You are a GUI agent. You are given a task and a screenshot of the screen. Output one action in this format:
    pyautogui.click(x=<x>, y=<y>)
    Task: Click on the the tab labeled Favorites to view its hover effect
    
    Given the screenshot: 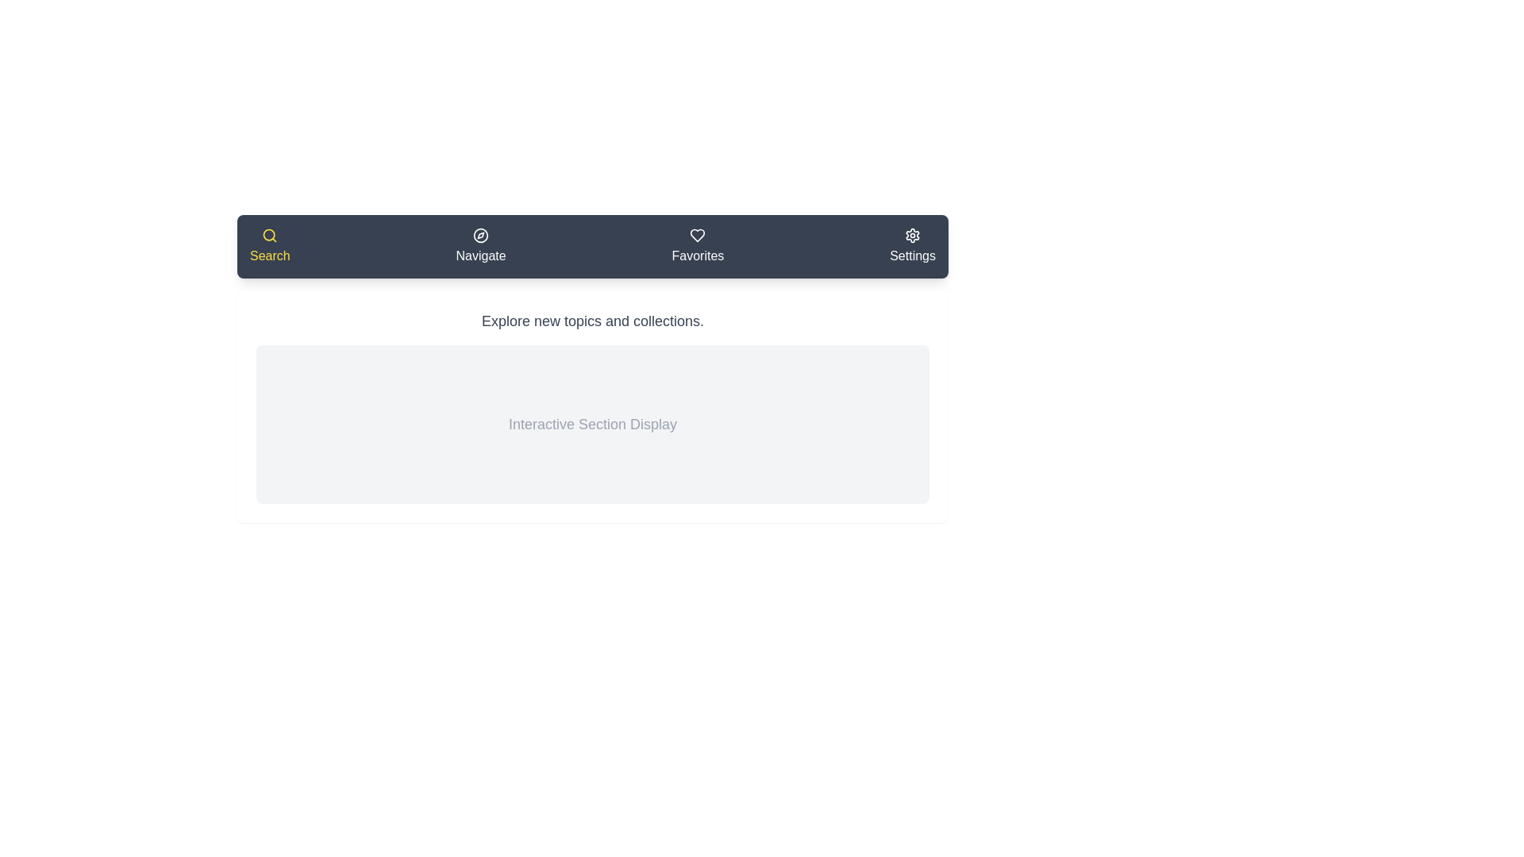 What is the action you would take?
    pyautogui.click(x=697, y=247)
    